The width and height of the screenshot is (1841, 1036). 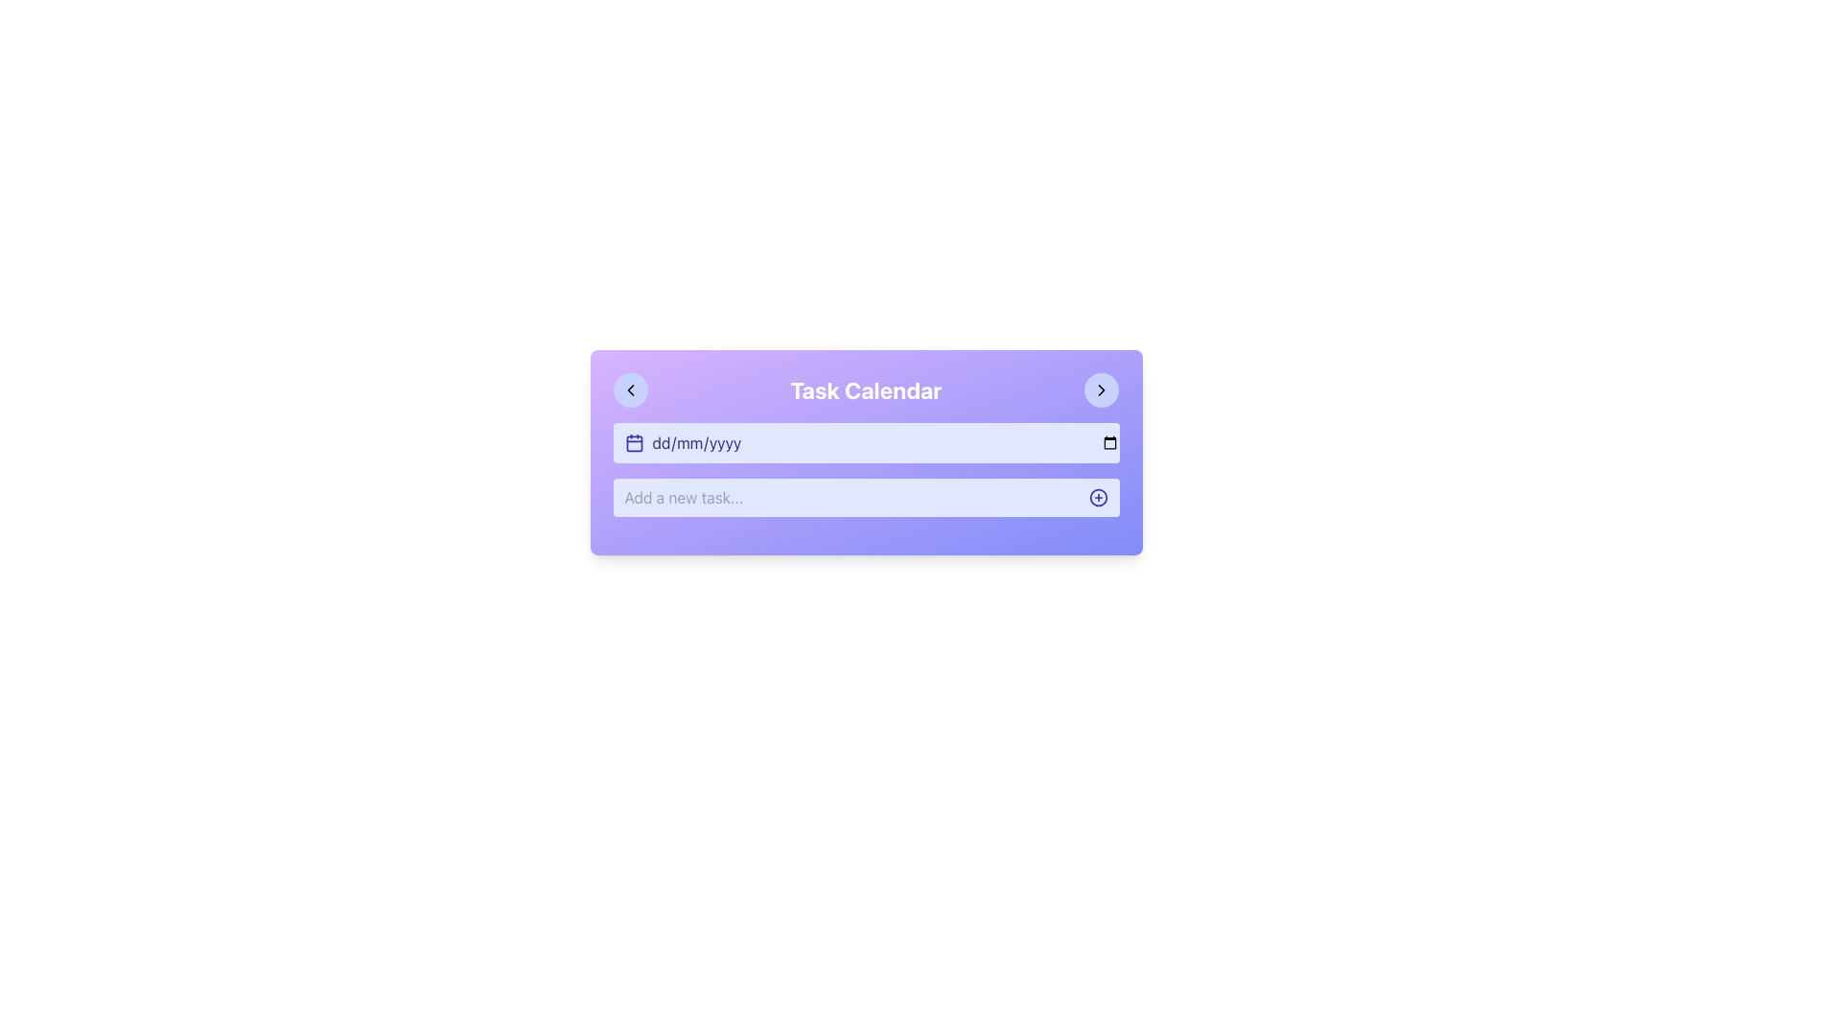 What do you see at coordinates (1102, 389) in the screenshot?
I see `the Chevron Icon or Navigation Indicator, which is a triangular-shaped rightward-pointing arrow located at the far right of the 'Task Calendar' header` at bounding box center [1102, 389].